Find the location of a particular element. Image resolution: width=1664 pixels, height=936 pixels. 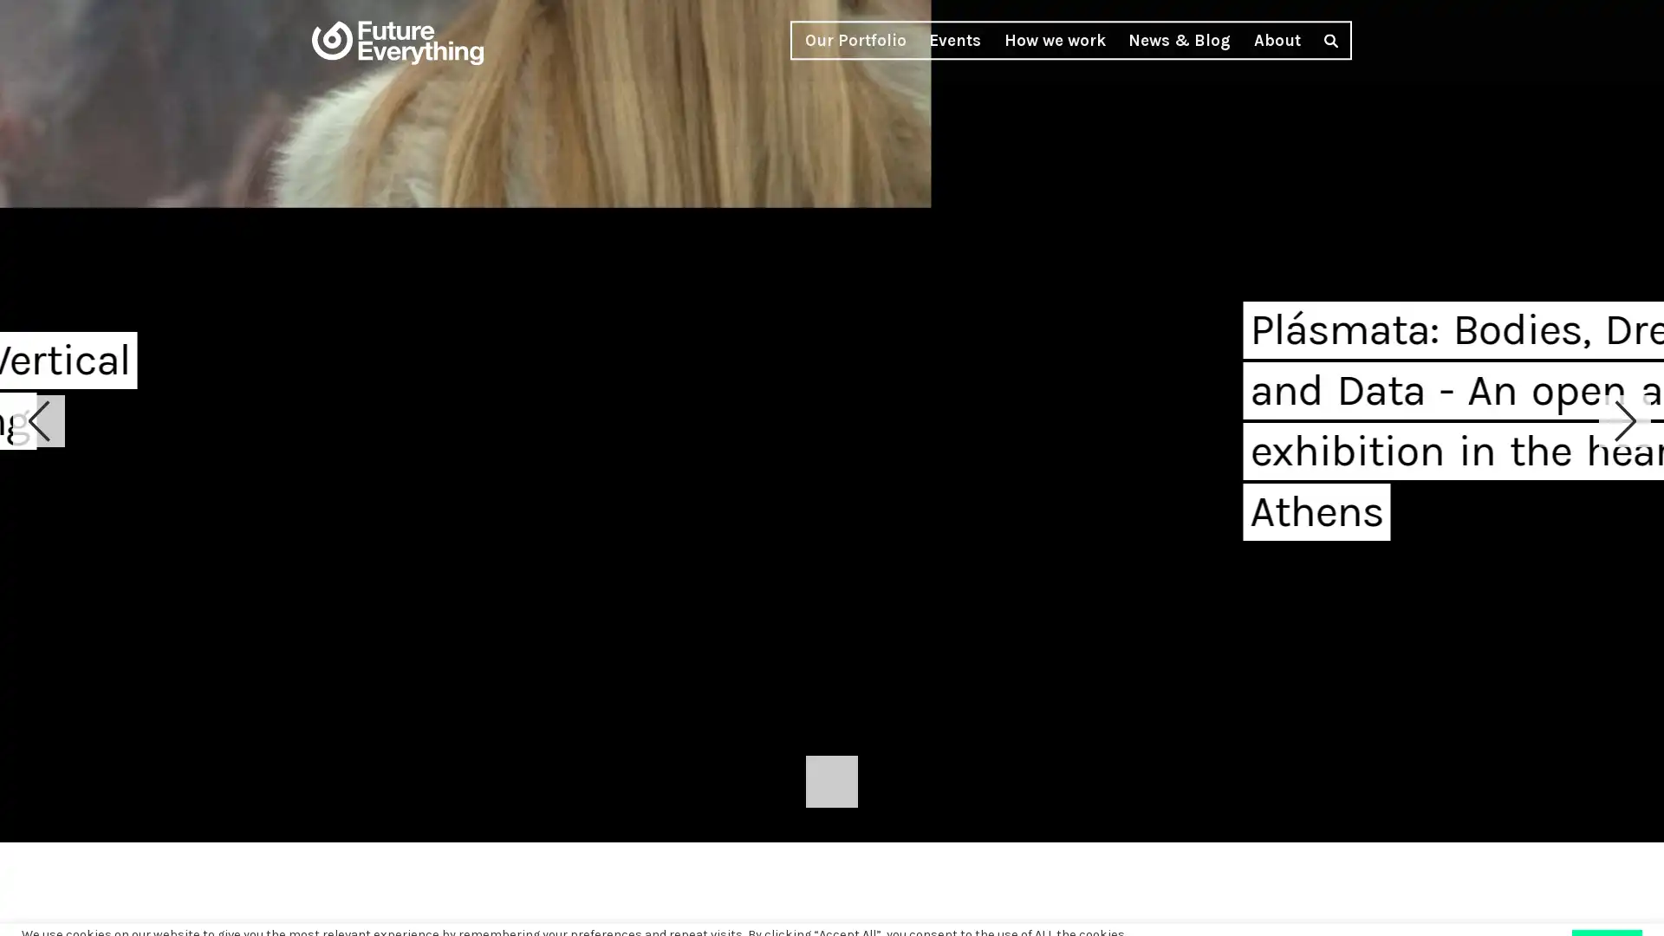

Previous is located at coordinates (38, 421).